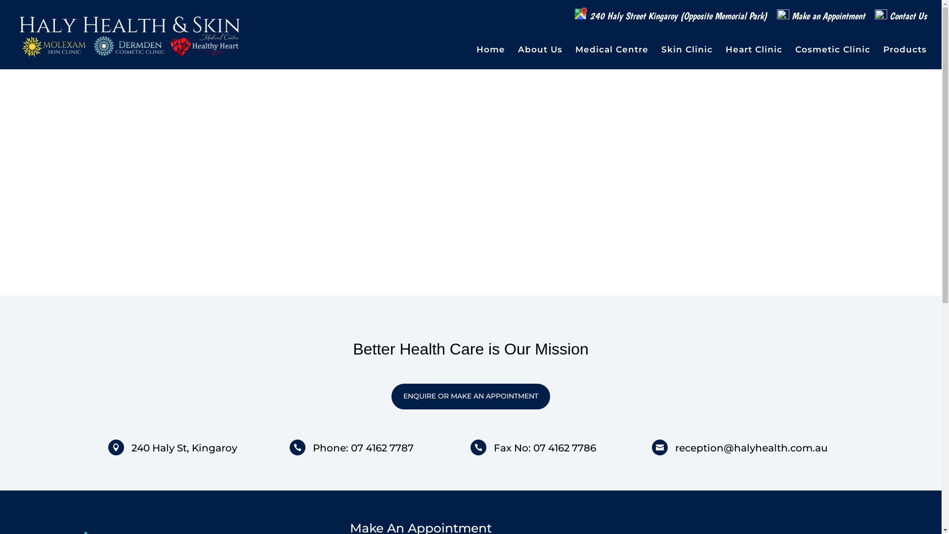  I want to click on 'Cosmetic Clinic', so click(832, 57).